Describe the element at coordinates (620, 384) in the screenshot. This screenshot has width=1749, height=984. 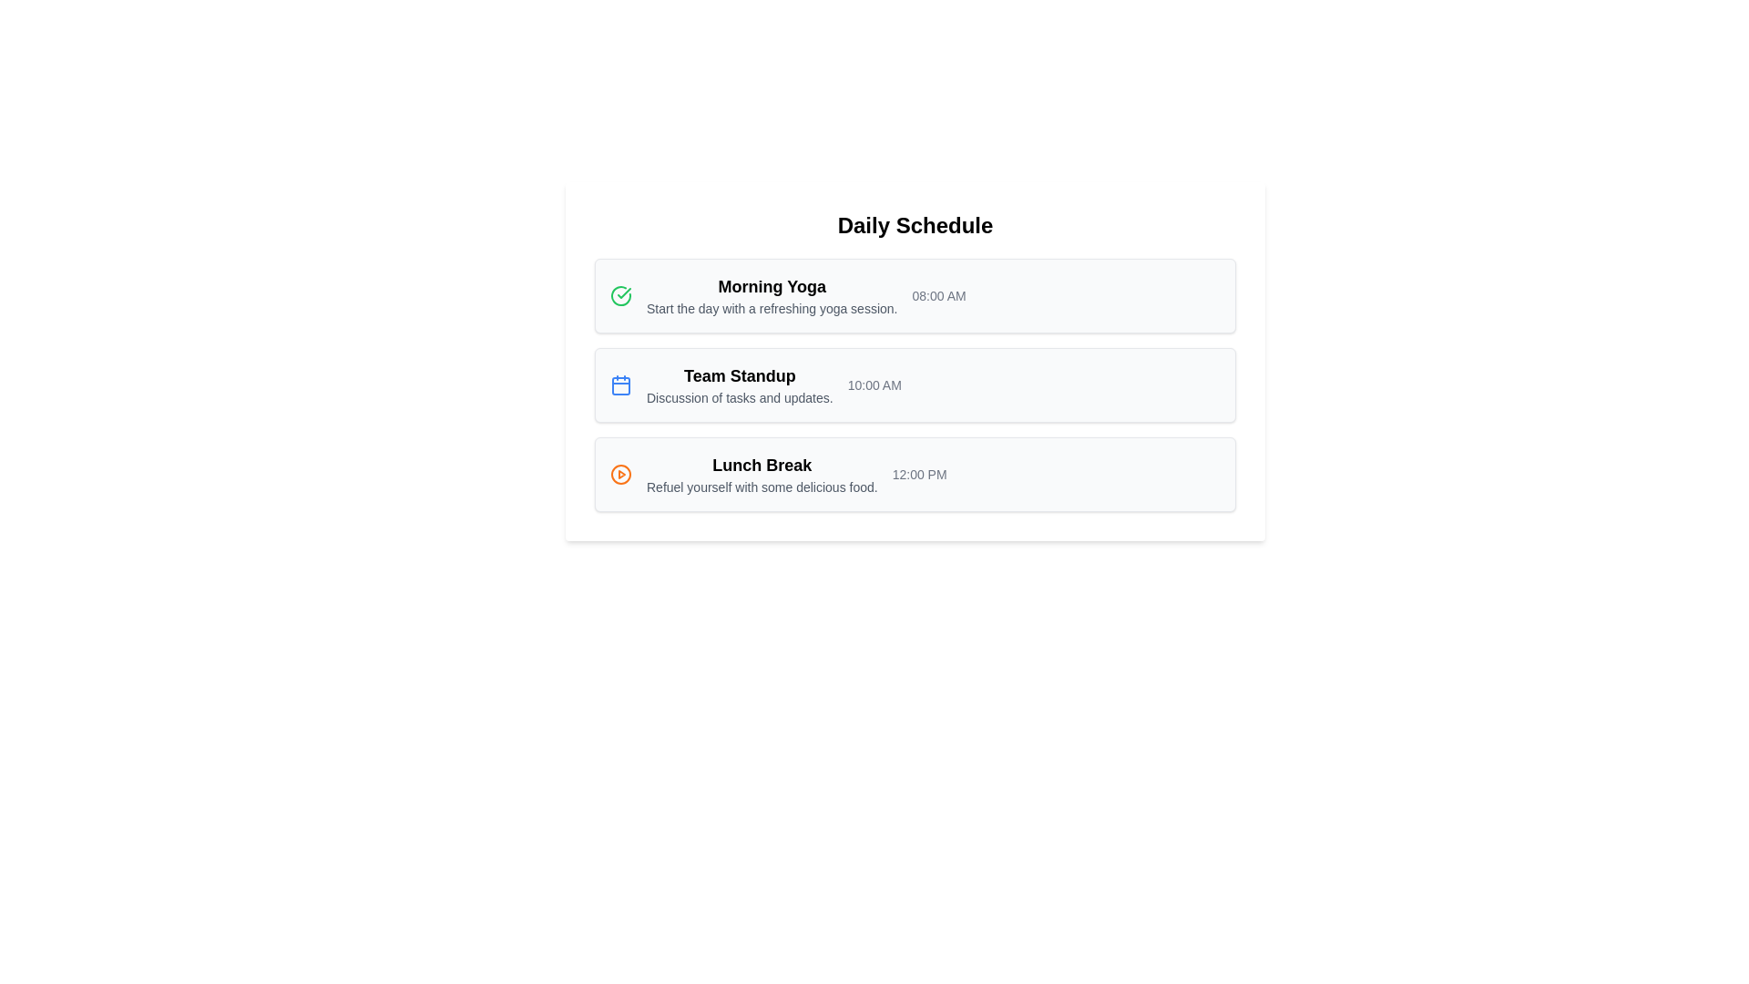
I see `the calendar icon representing the 'Team Standup' meeting scheduled at '10:00 AM' in the 'Daily Schedule' interface` at that location.